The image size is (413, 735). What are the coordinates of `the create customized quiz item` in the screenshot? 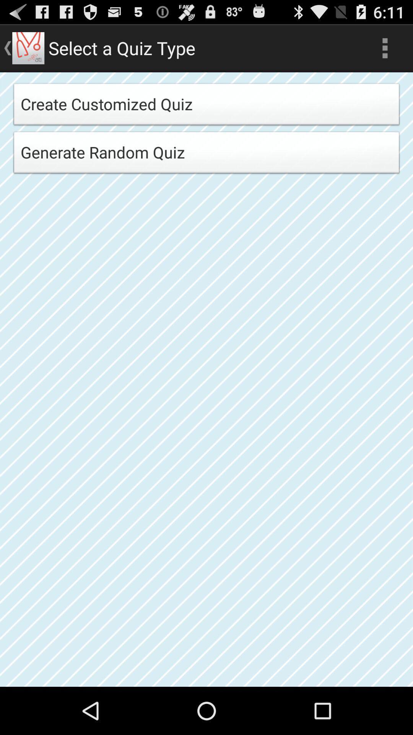 It's located at (206, 106).